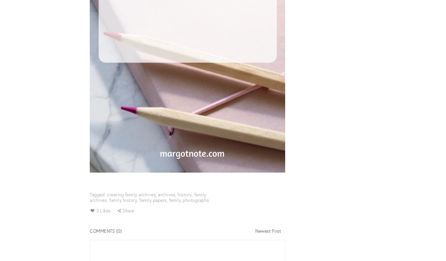 This screenshot has height=261, width=446. Describe the element at coordinates (158, 194) in the screenshot. I see `'archives'` at that location.